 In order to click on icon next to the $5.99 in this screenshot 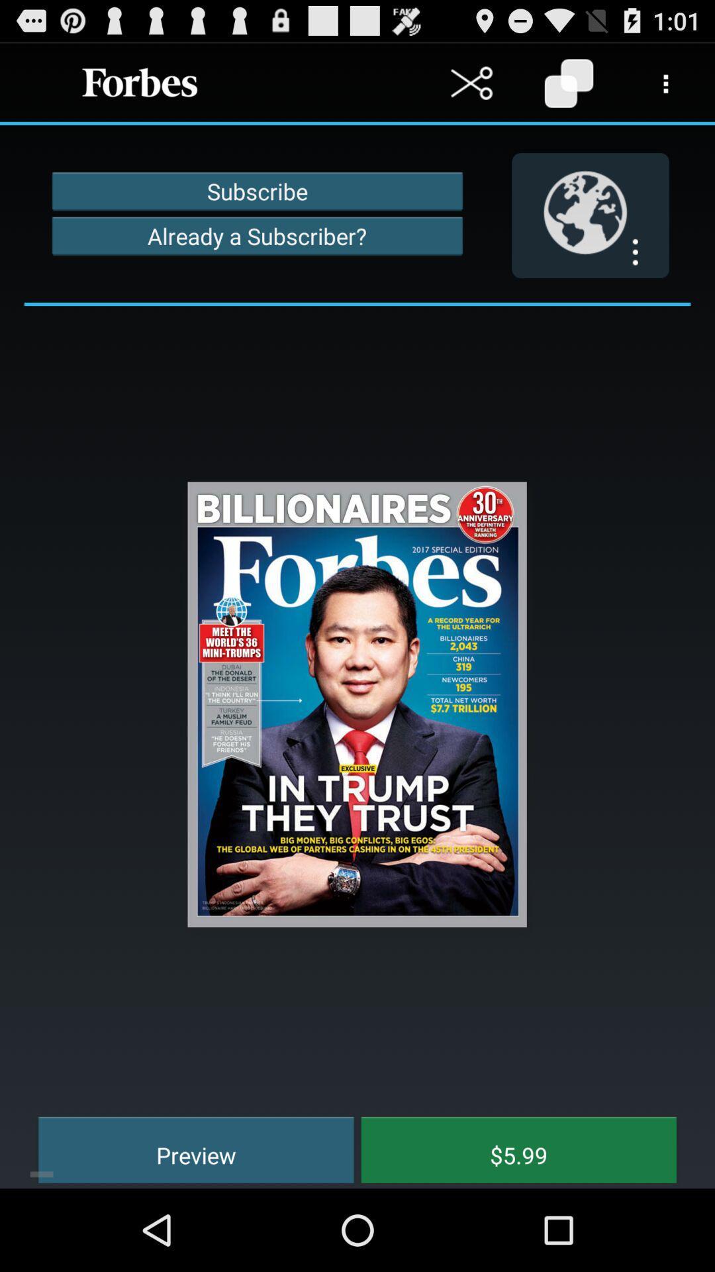, I will do `click(186, 1147)`.